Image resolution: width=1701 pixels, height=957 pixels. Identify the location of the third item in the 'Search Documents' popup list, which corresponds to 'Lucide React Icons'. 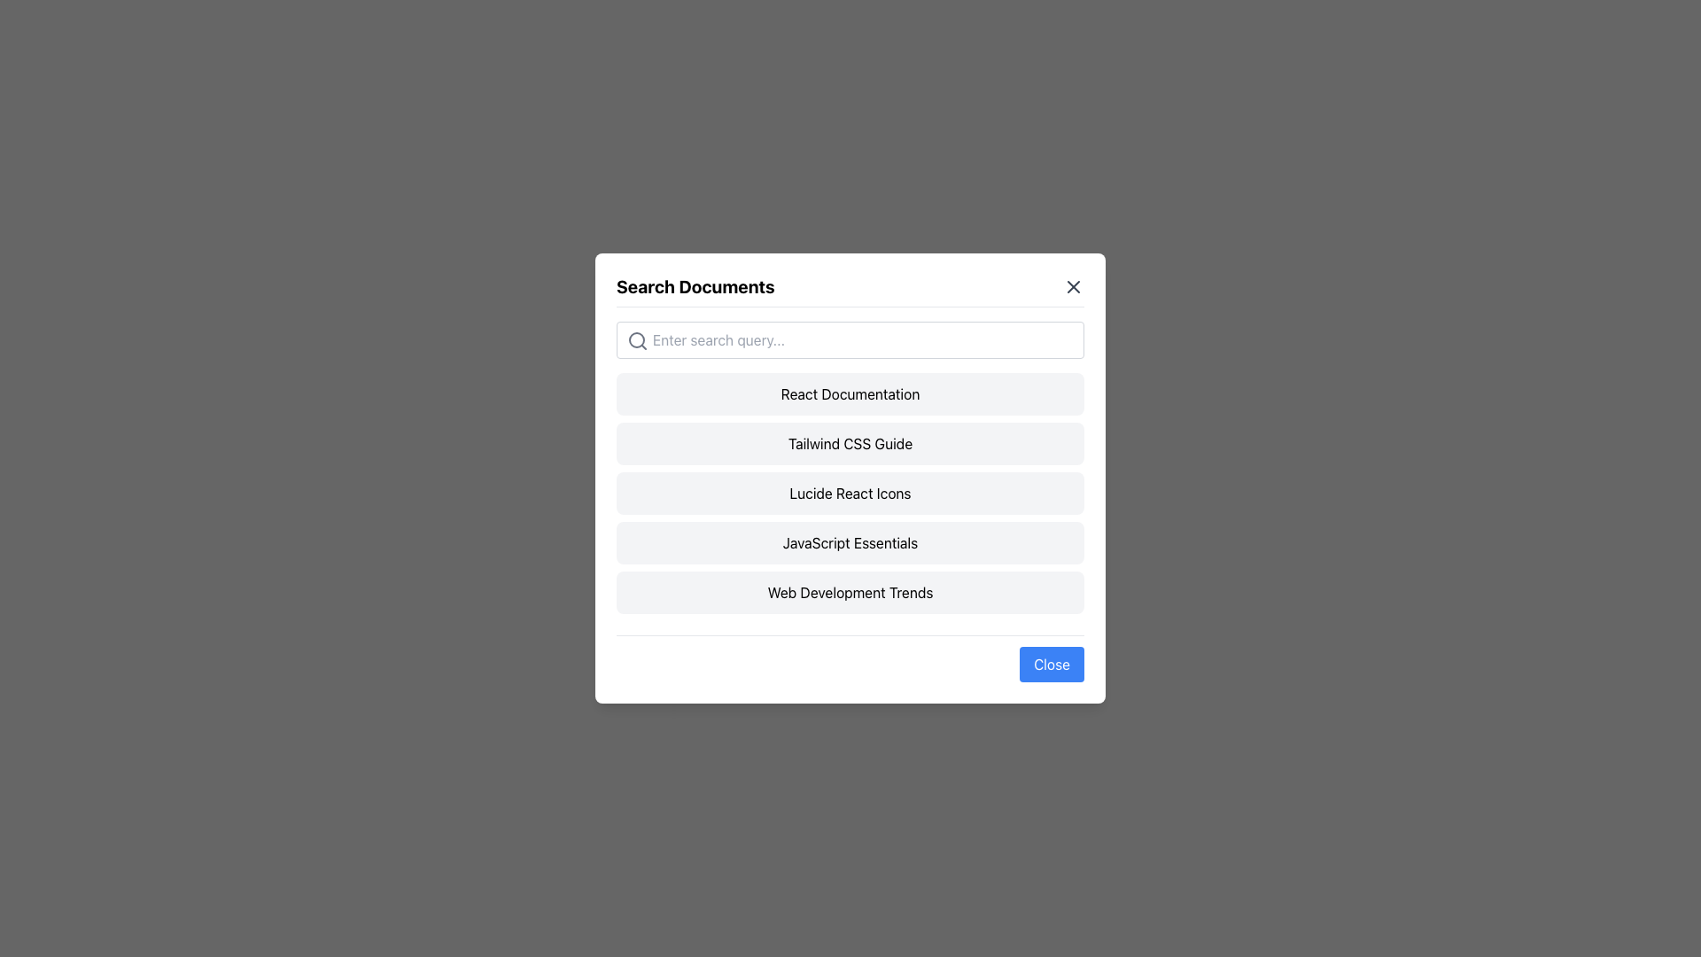
(850, 493).